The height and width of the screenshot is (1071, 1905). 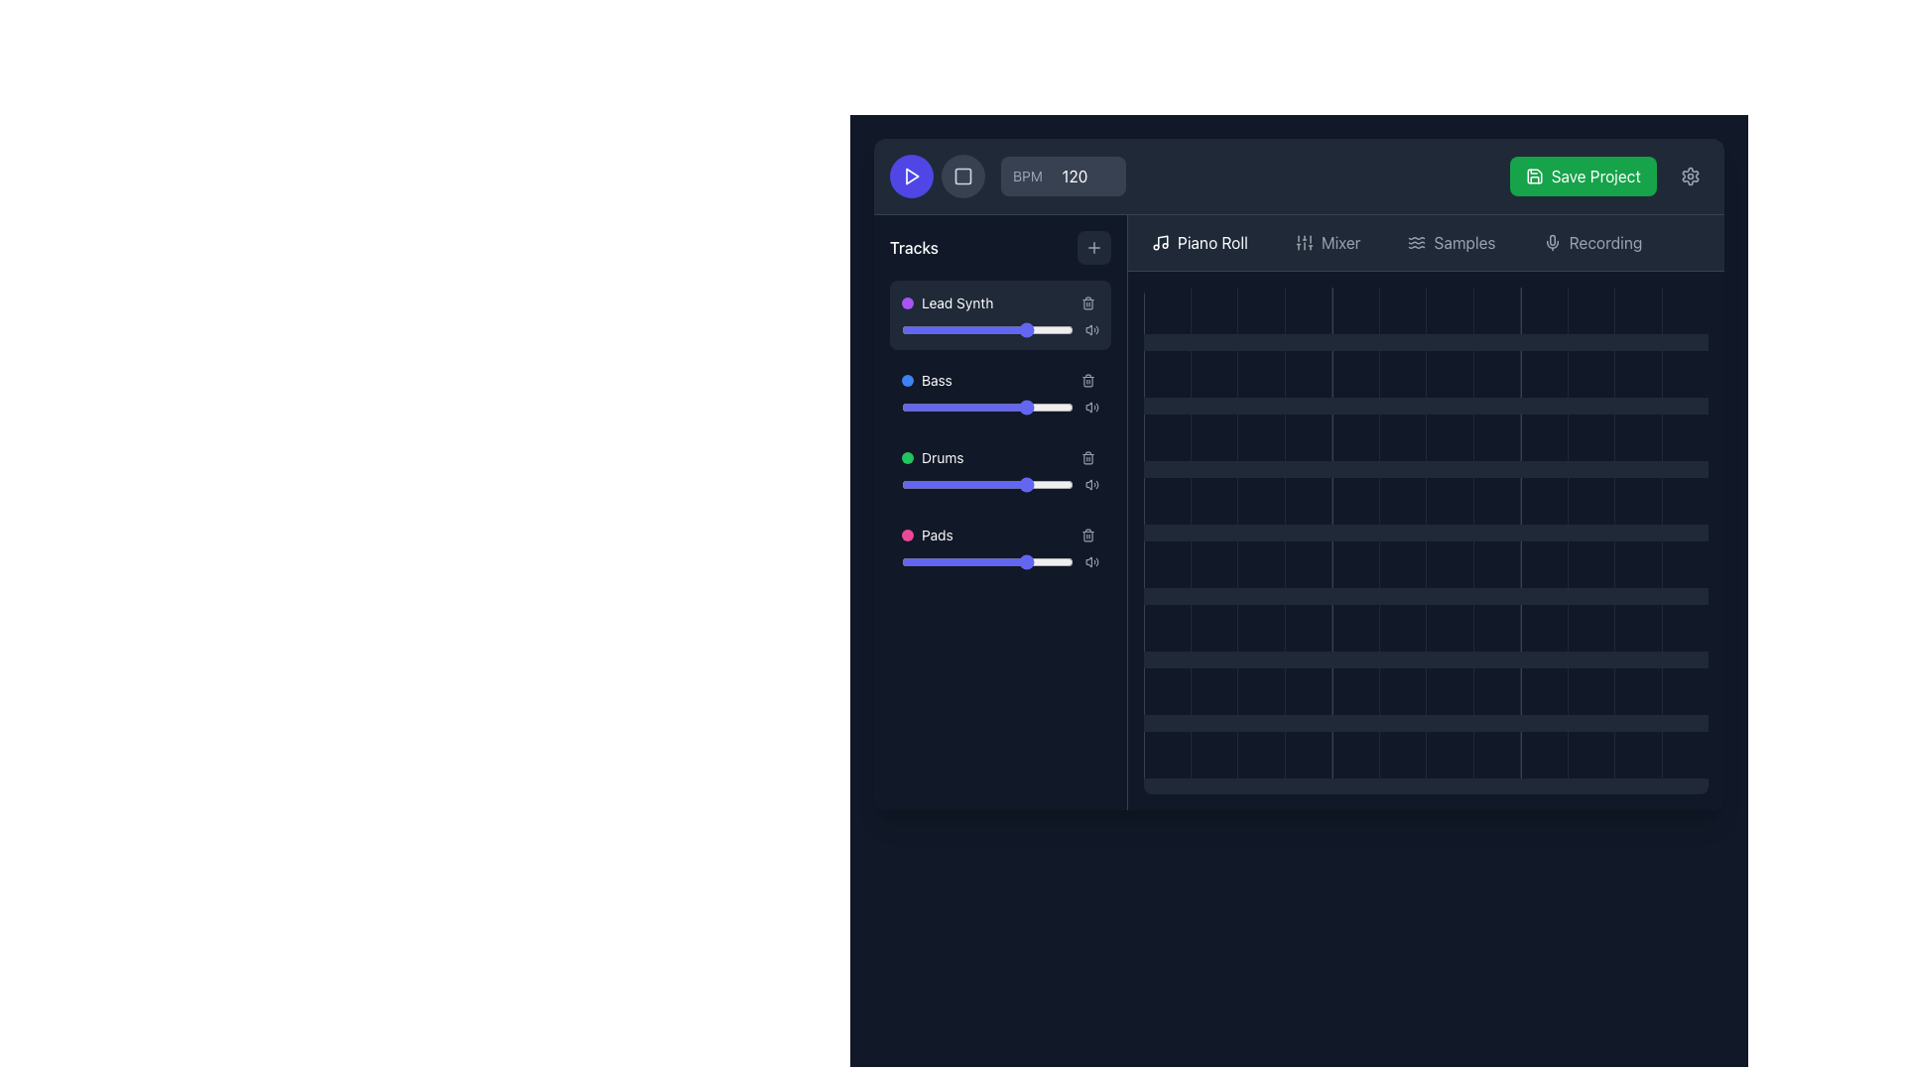 I want to click on the interactive panel located in the right-middle area of the grid, which serves as a visual placeholder or interactive region, so click(x=1684, y=500).